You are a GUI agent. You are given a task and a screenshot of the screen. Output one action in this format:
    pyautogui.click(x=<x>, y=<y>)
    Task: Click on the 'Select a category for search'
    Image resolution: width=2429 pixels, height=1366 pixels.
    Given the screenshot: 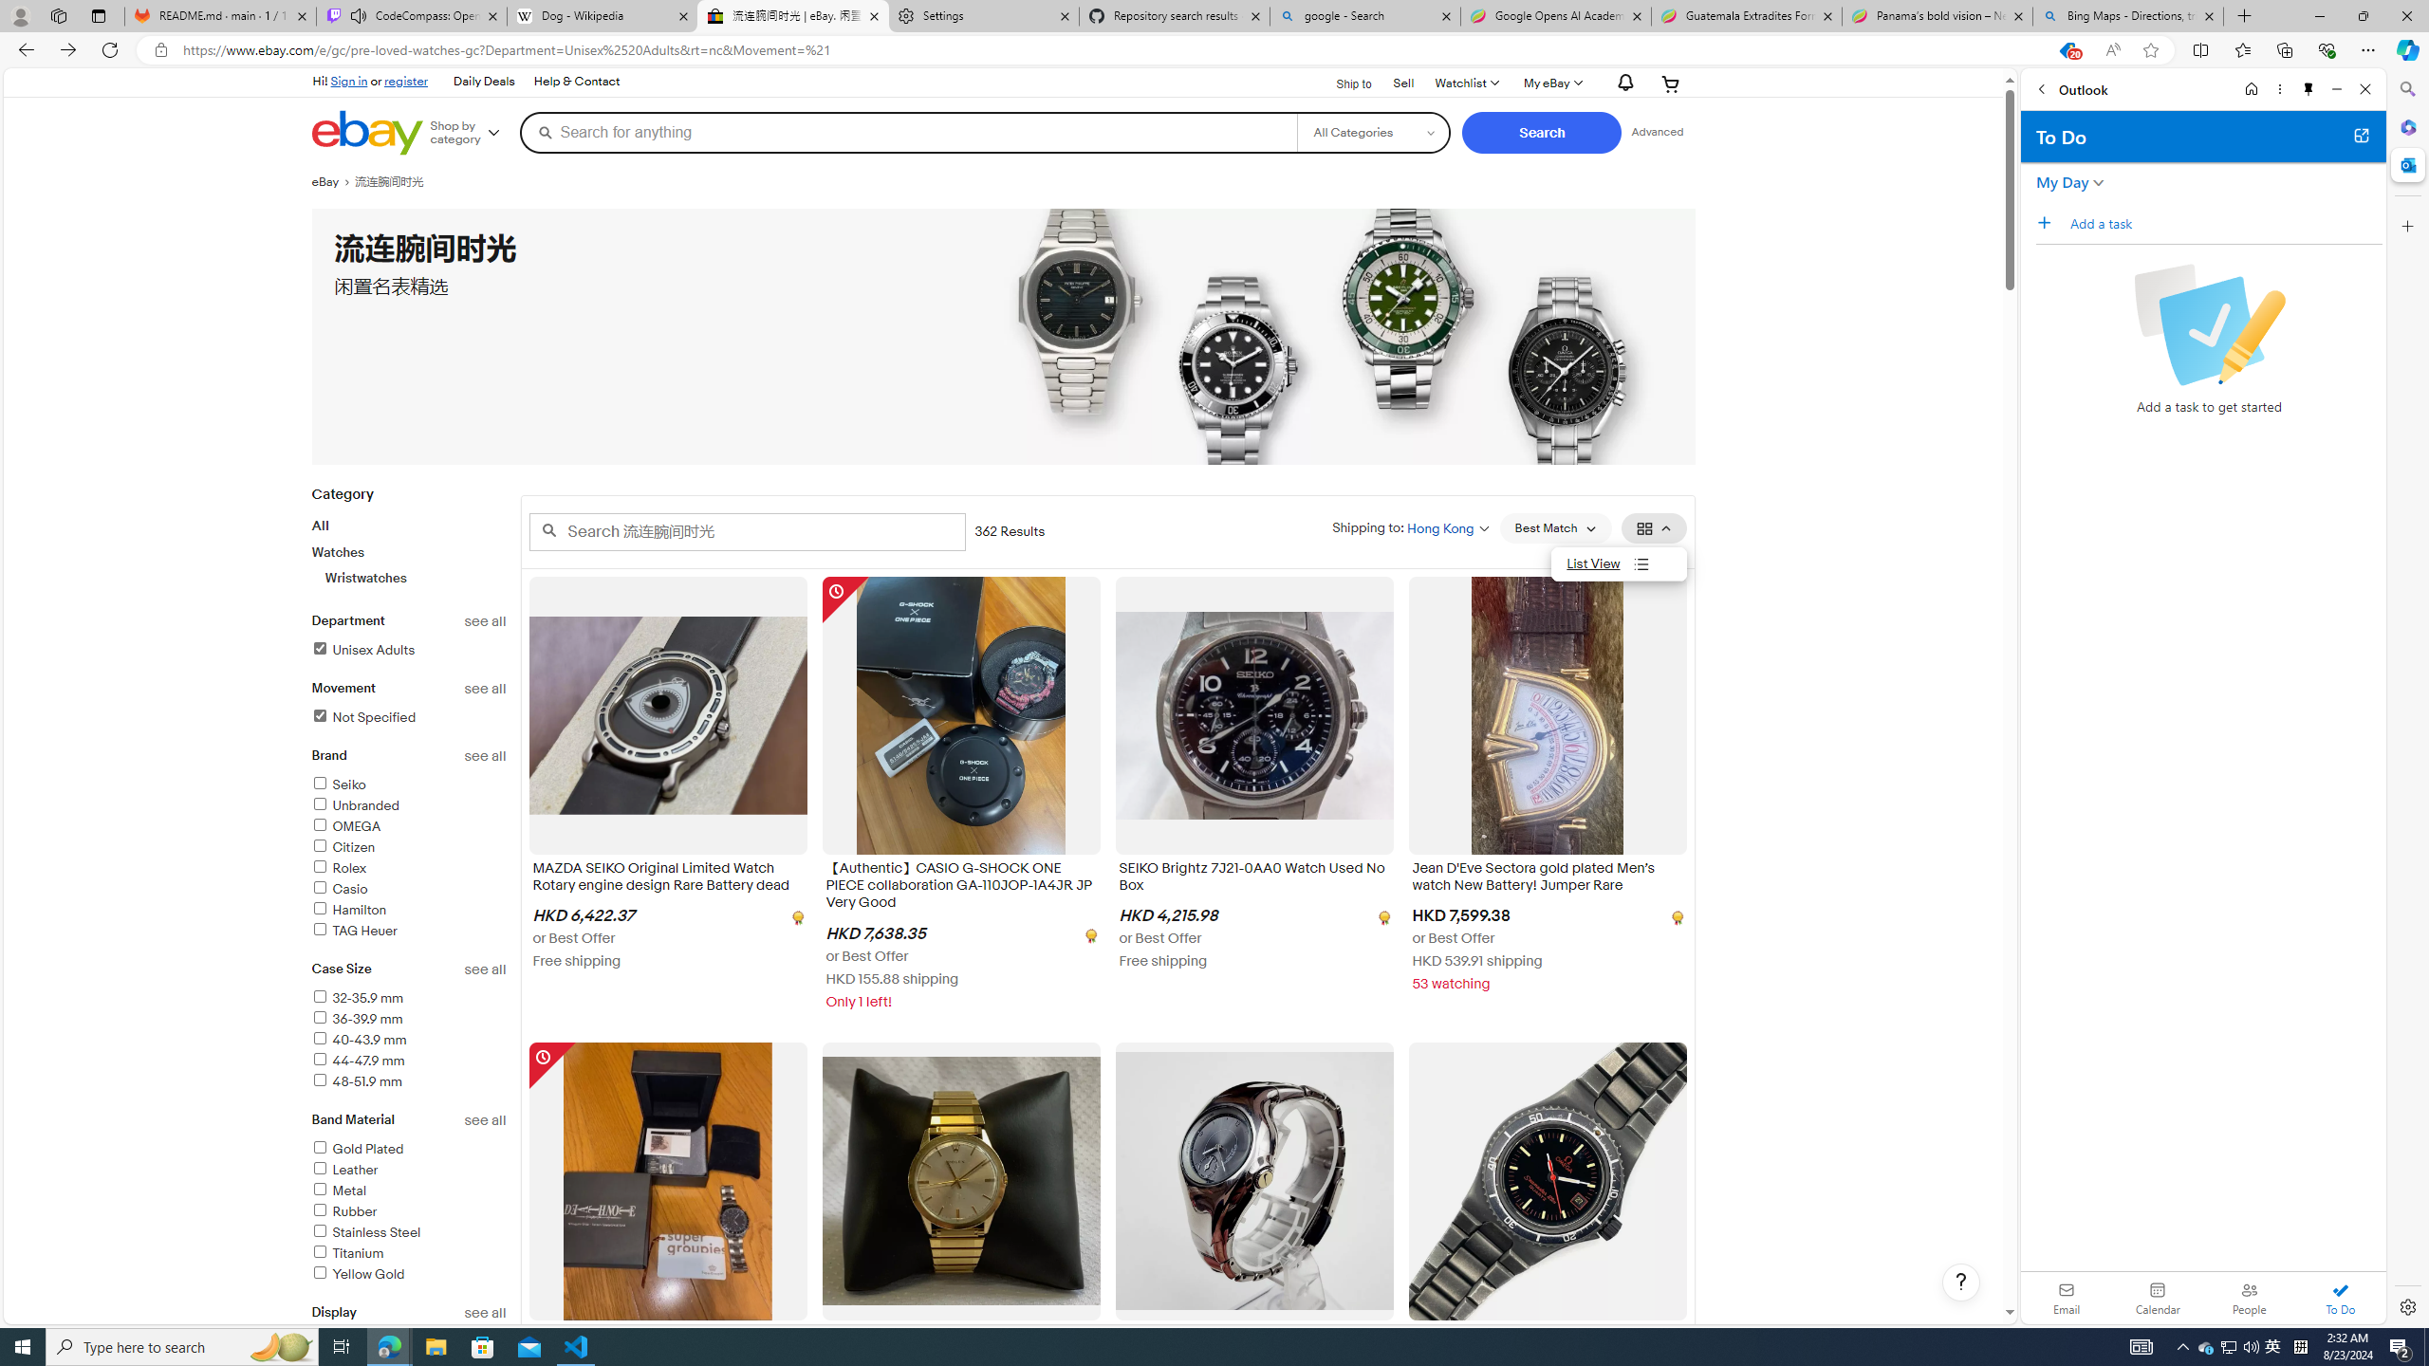 What is the action you would take?
    pyautogui.click(x=1373, y=131)
    